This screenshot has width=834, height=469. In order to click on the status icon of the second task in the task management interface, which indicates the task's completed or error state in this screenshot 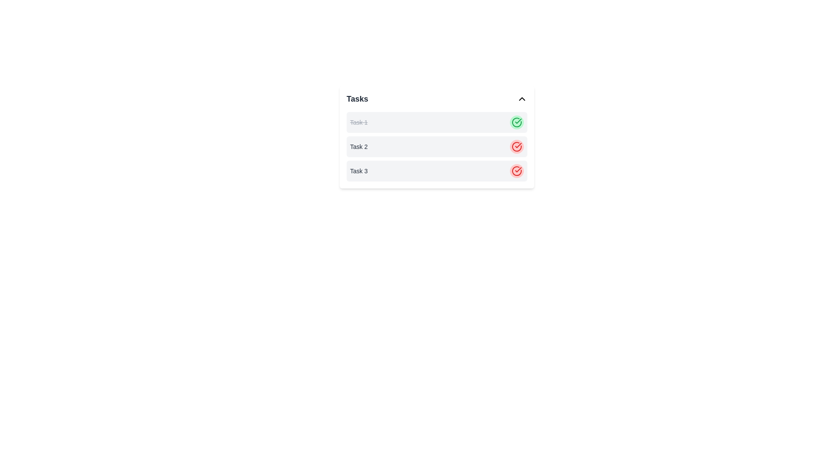, I will do `click(517, 146)`.